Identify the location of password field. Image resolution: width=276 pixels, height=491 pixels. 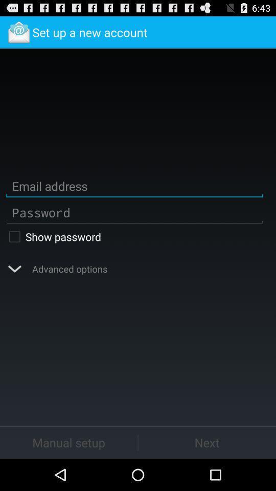
(134, 212).